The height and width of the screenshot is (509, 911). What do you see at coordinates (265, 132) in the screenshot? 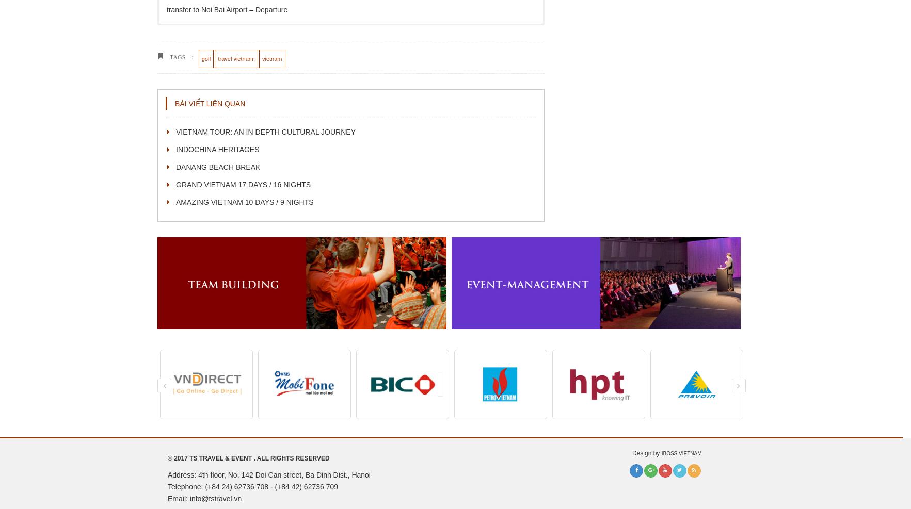
I see `'VIETNAM TOUR: AN IN DEPTH CULTURAL JOURNEY'` at bounding box center [265, 132].